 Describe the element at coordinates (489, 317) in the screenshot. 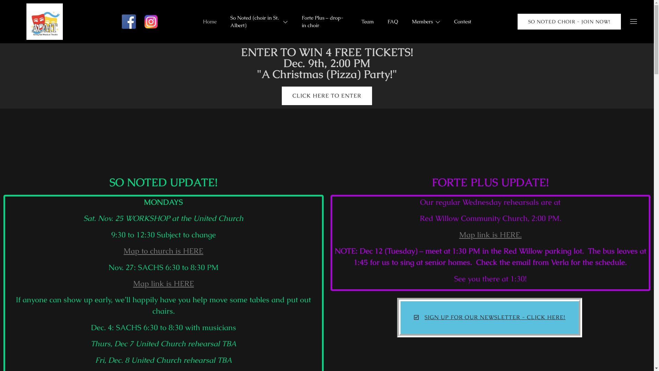

I see `'SIGN UP FOR OUR NEWSLETTER - CLICK HERE!'` at that location.